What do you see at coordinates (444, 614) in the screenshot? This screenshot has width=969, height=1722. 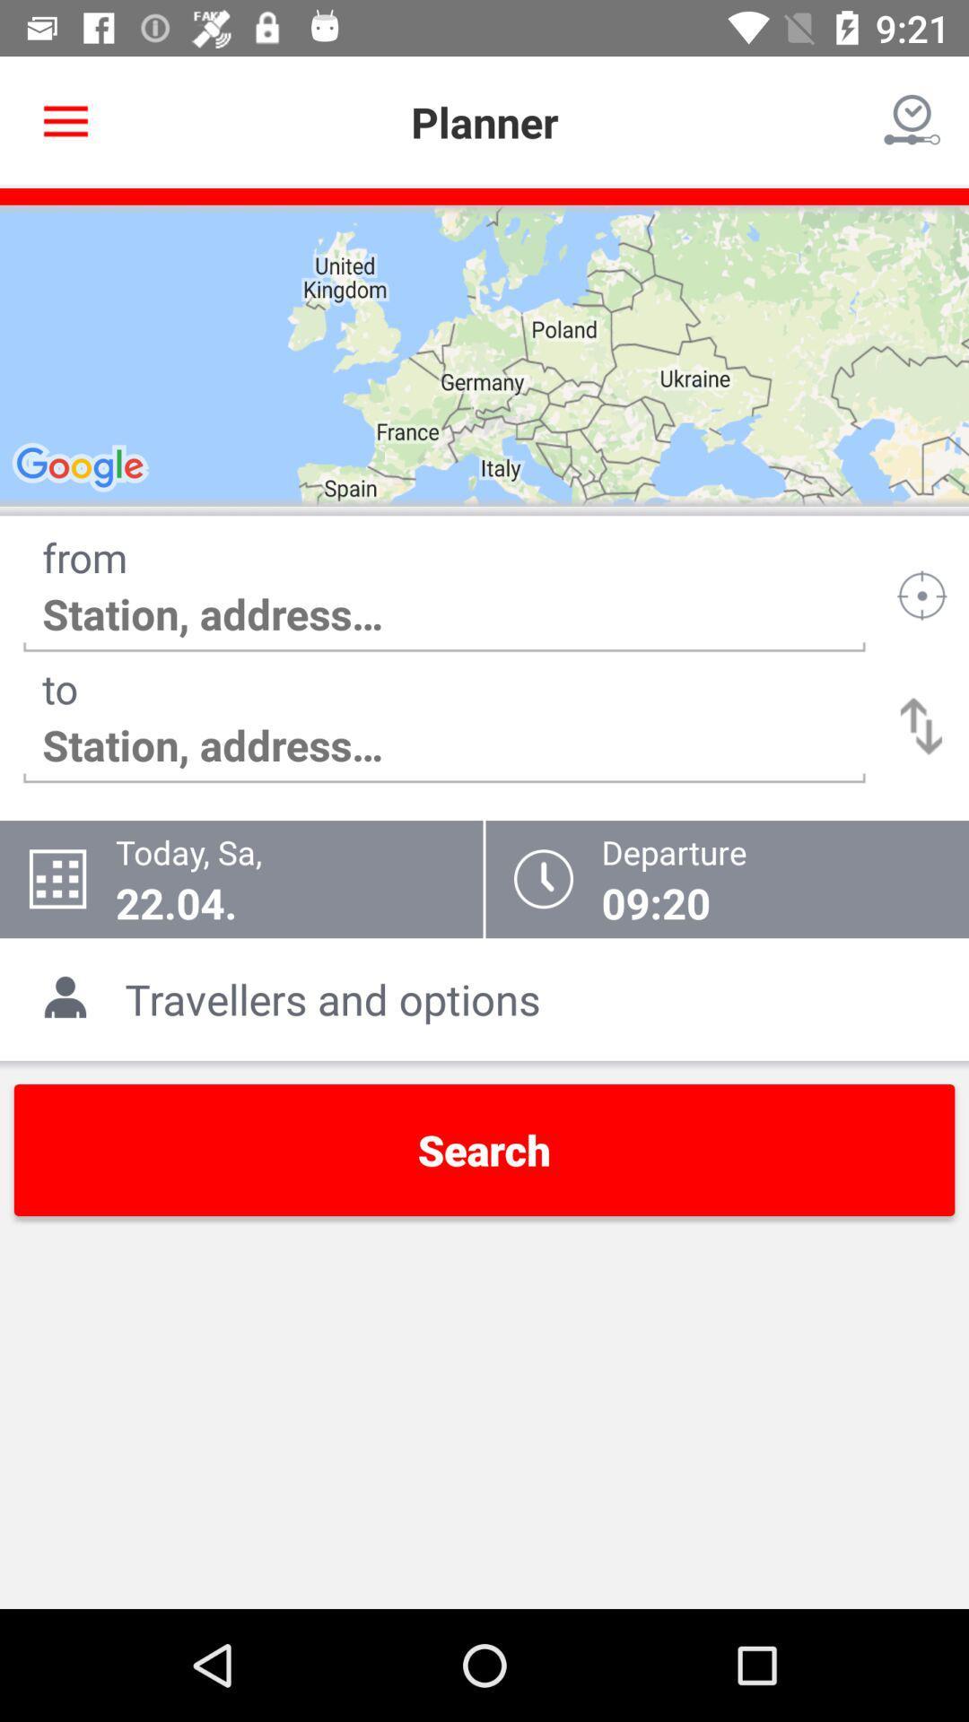 I see `the item above the to icon` at bounding box center [444, 614].